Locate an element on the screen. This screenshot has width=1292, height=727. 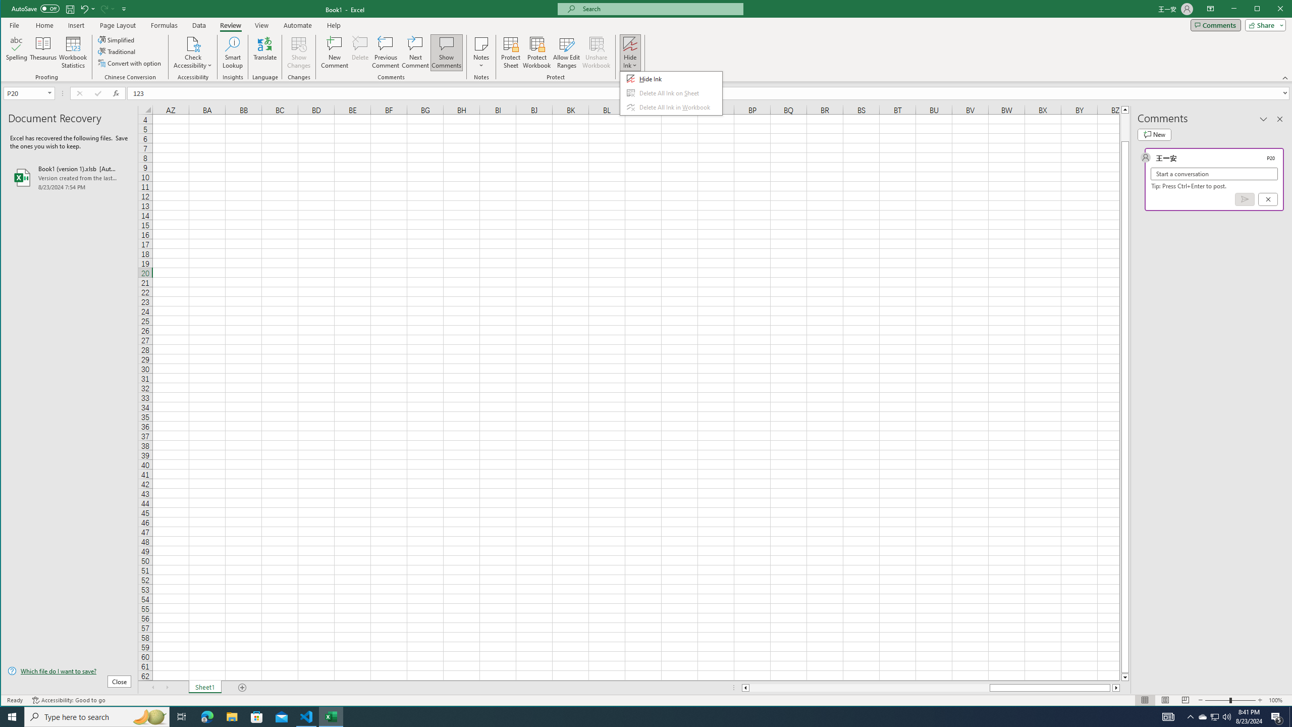
'Protect Workbook...' is located at coordinates (536, 52).